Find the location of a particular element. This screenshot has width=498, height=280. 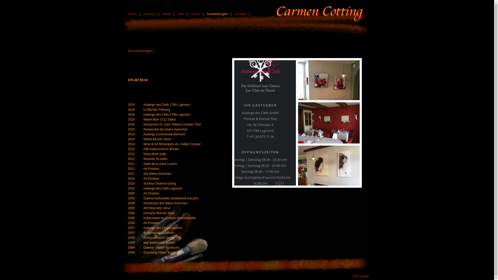

'CMS jmuffin' is located at coordinates (360, 276).